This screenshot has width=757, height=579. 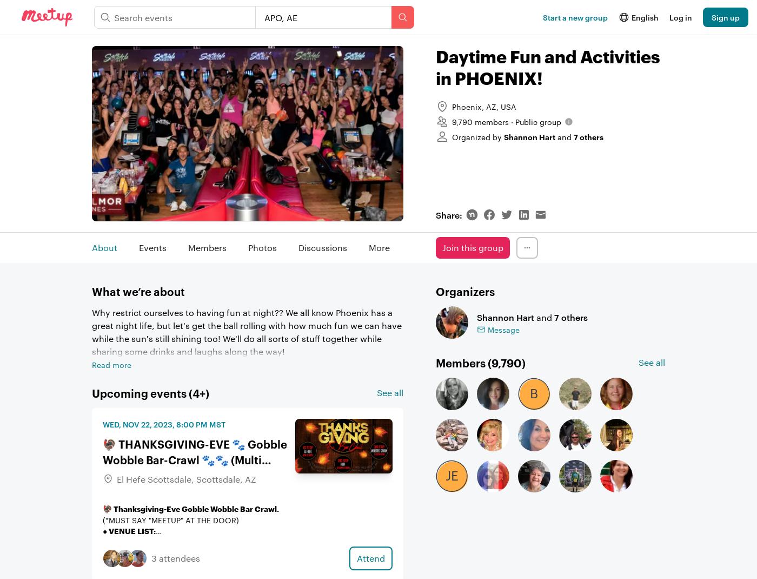 I want to click on 'More', so click(x=378, y=247).